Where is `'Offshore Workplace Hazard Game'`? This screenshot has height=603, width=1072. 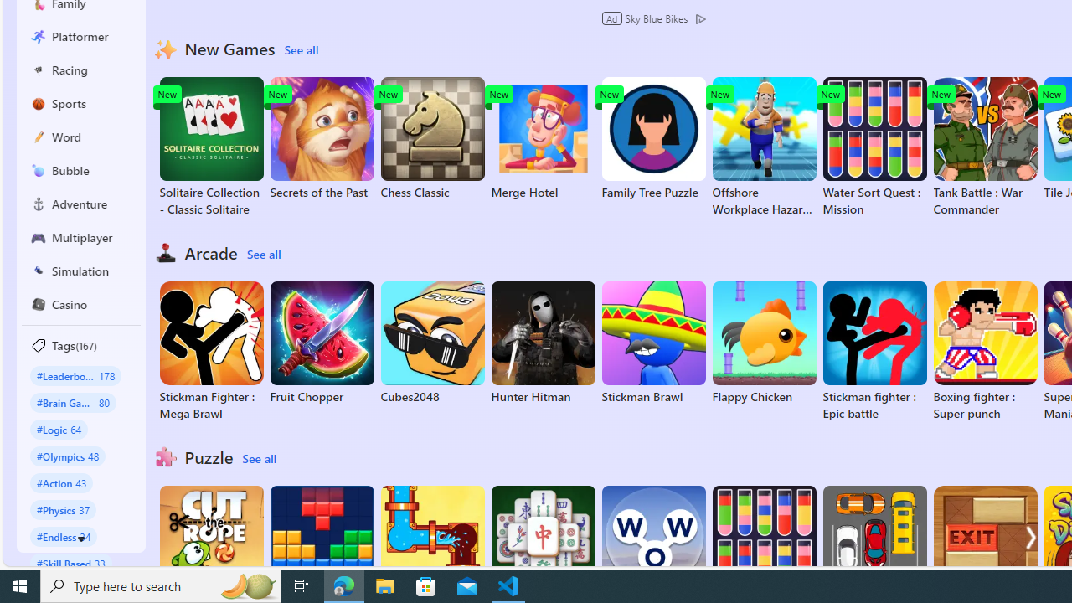
'Offshore Workplace Hazard Game' is located at coordinates (763, 147).